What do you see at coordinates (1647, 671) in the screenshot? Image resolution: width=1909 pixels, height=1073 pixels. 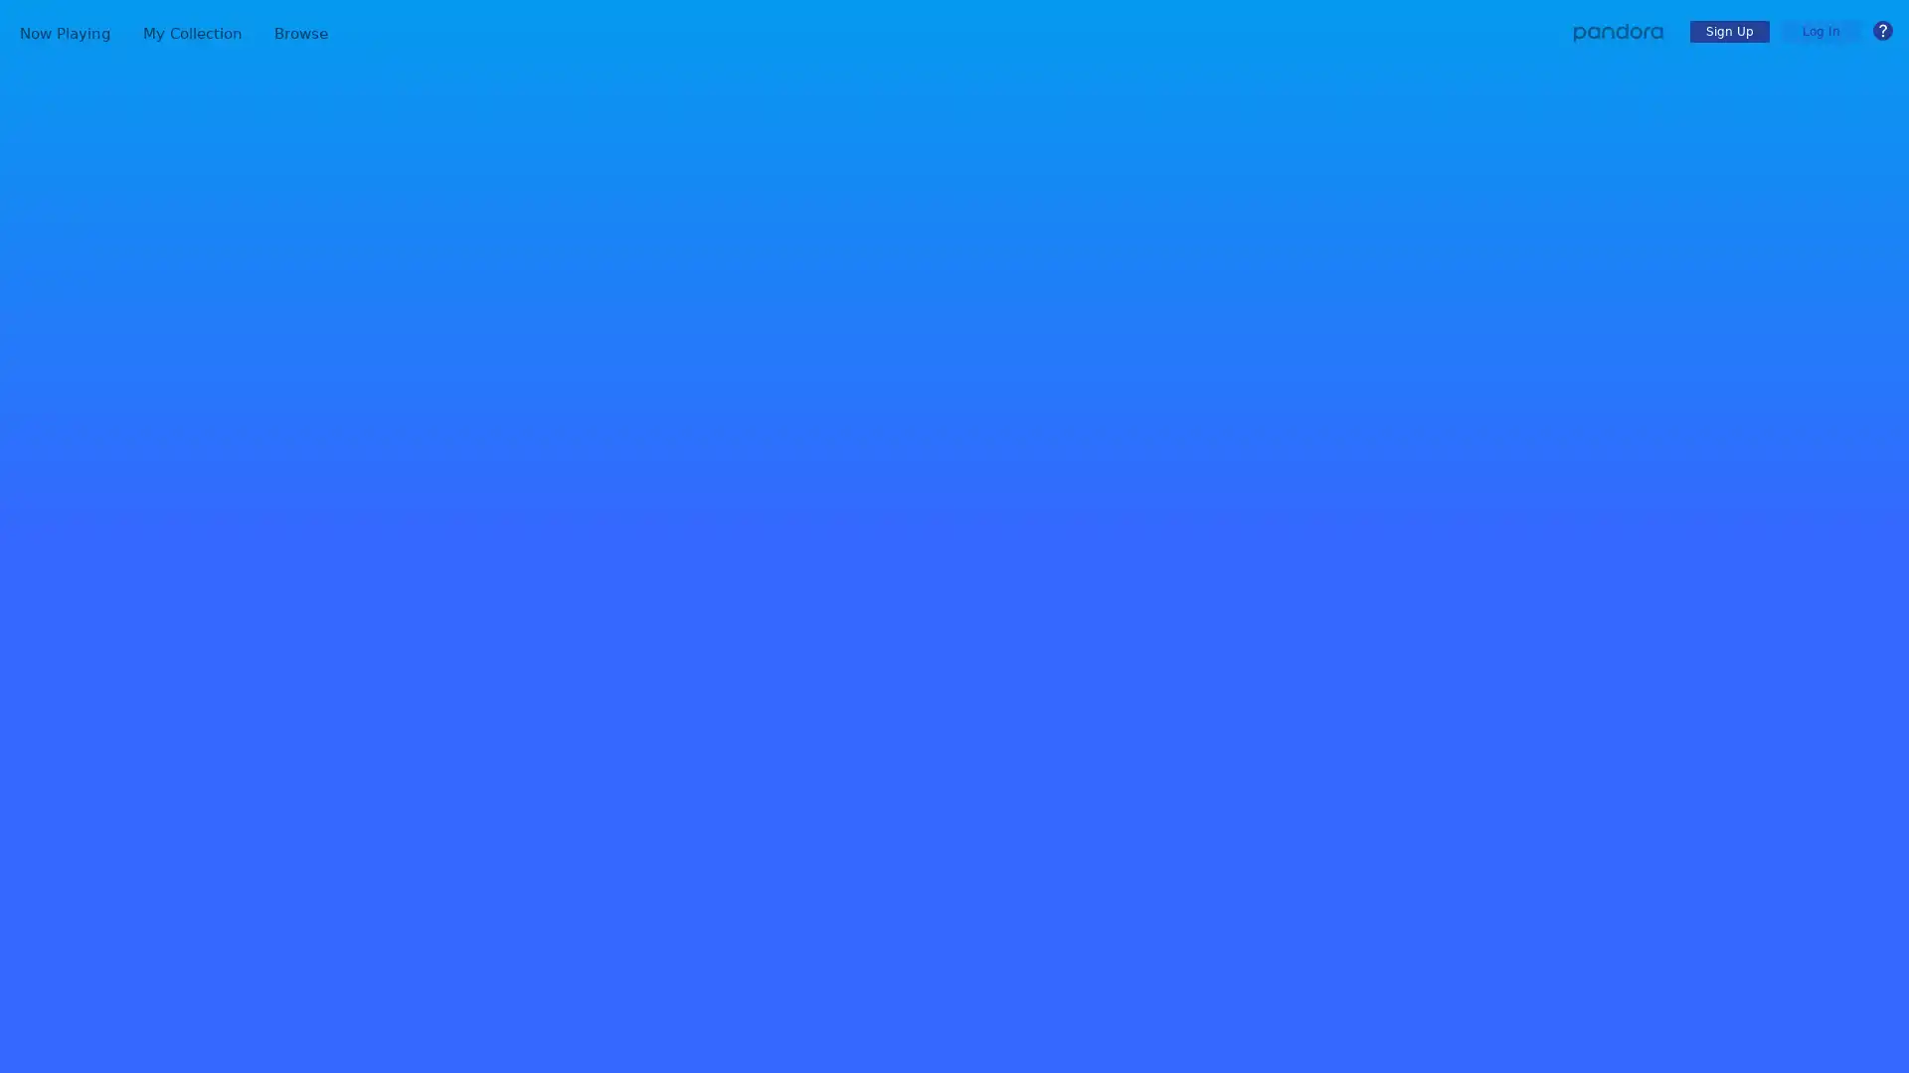 I see `44:52` at bounding box center [1647, 671].